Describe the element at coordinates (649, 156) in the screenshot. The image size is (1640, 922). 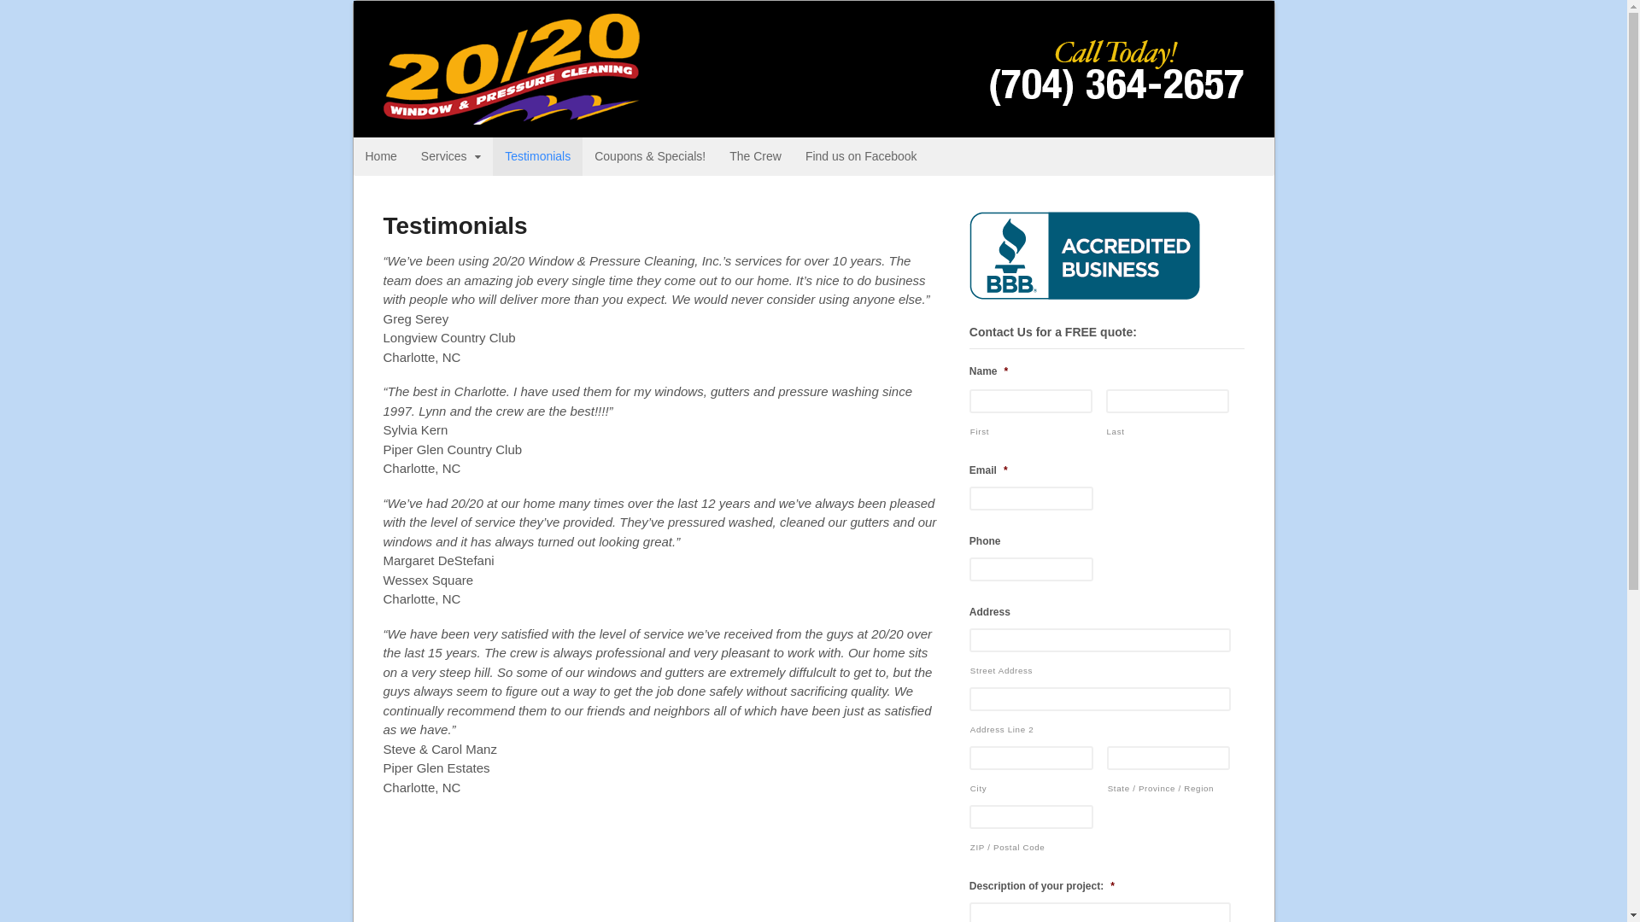
I see `'Coupons & Specials!'` at that location.